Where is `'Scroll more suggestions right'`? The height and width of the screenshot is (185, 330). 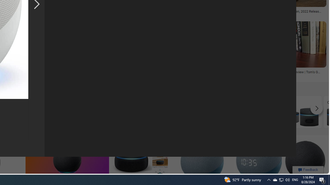
'Scroll more suggestions right' is located at coordinates (316, 108).